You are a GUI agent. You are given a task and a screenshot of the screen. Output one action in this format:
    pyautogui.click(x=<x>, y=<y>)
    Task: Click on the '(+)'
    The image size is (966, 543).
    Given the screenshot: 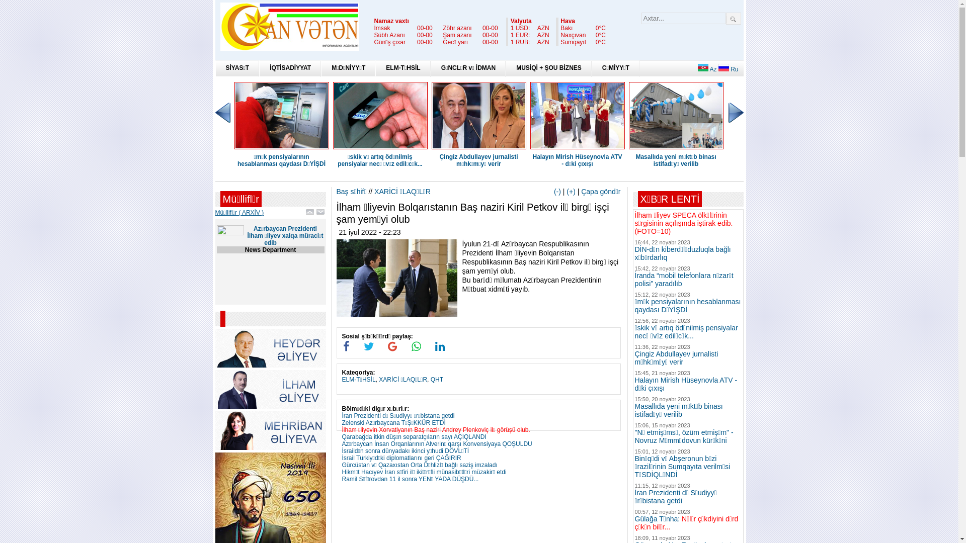 What is the action you would take?
    pyautogui.click(x=571, y=192)
    